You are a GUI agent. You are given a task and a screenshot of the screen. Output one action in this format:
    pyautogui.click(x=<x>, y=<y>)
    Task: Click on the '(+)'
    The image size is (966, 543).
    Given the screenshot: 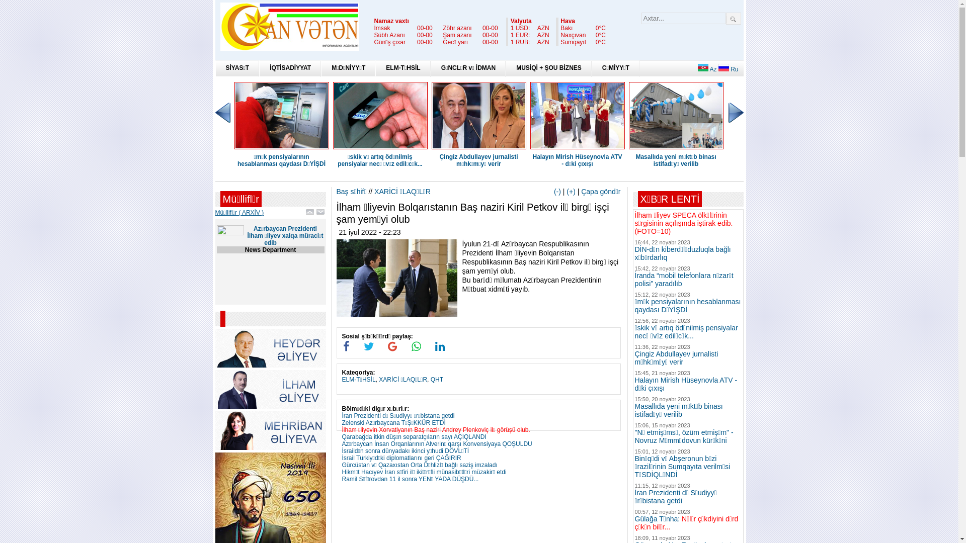 What is the action you would take?
    pyautogui.click(x=571, y=192)
    